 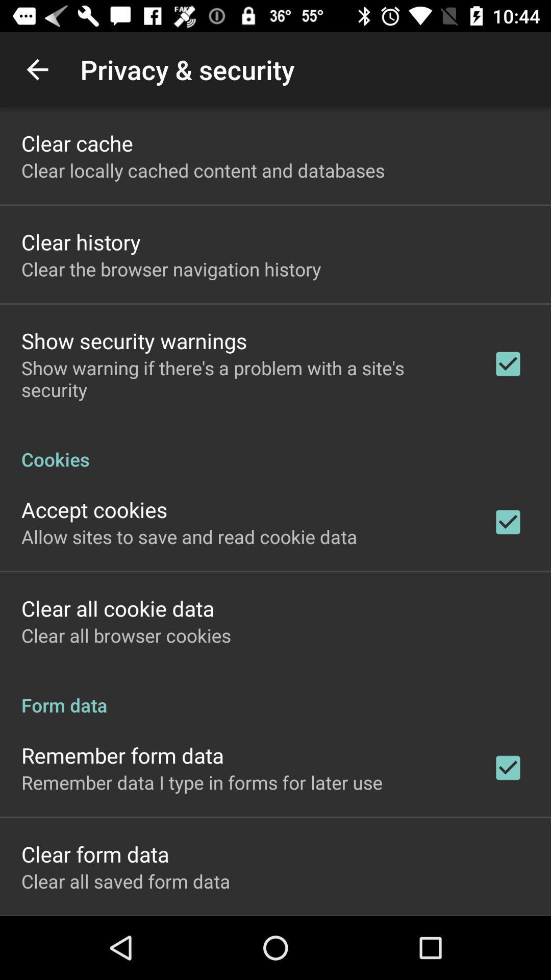 I want to click on the accept cookies item, so click(x=94, y=509).